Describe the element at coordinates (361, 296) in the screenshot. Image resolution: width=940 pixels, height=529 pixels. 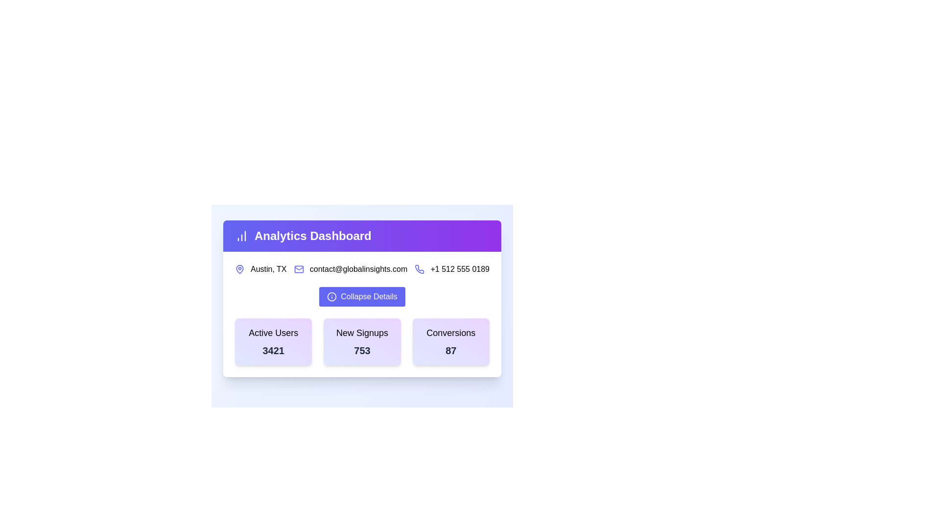
I see `the indigo 'Collapse Details' button with white text and an information icon, located below the contact information and above the statistics section` at that location.